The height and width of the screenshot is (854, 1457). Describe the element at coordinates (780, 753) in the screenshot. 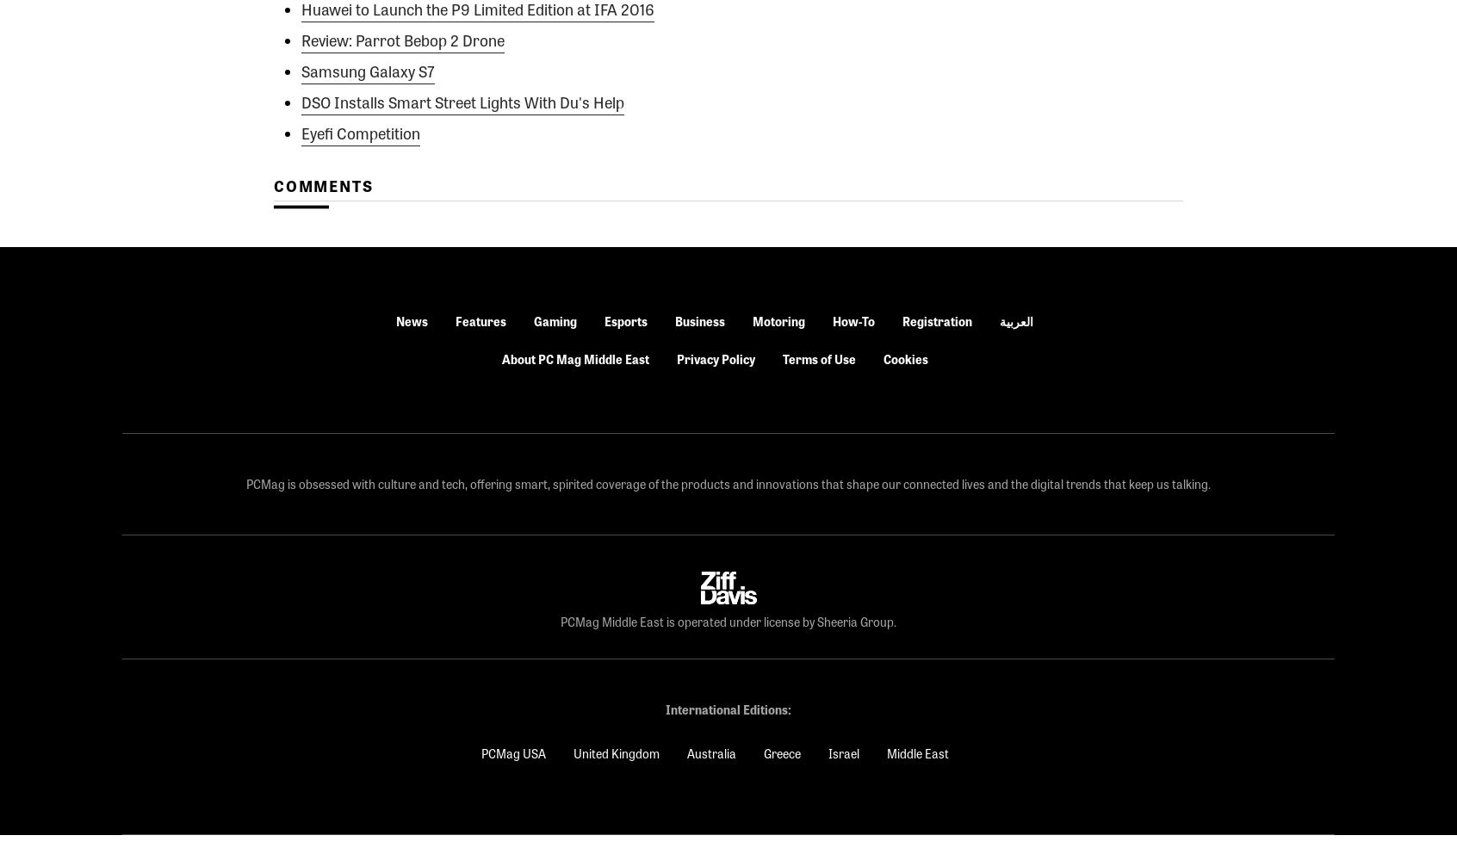

I see `'Greece'` at that location.